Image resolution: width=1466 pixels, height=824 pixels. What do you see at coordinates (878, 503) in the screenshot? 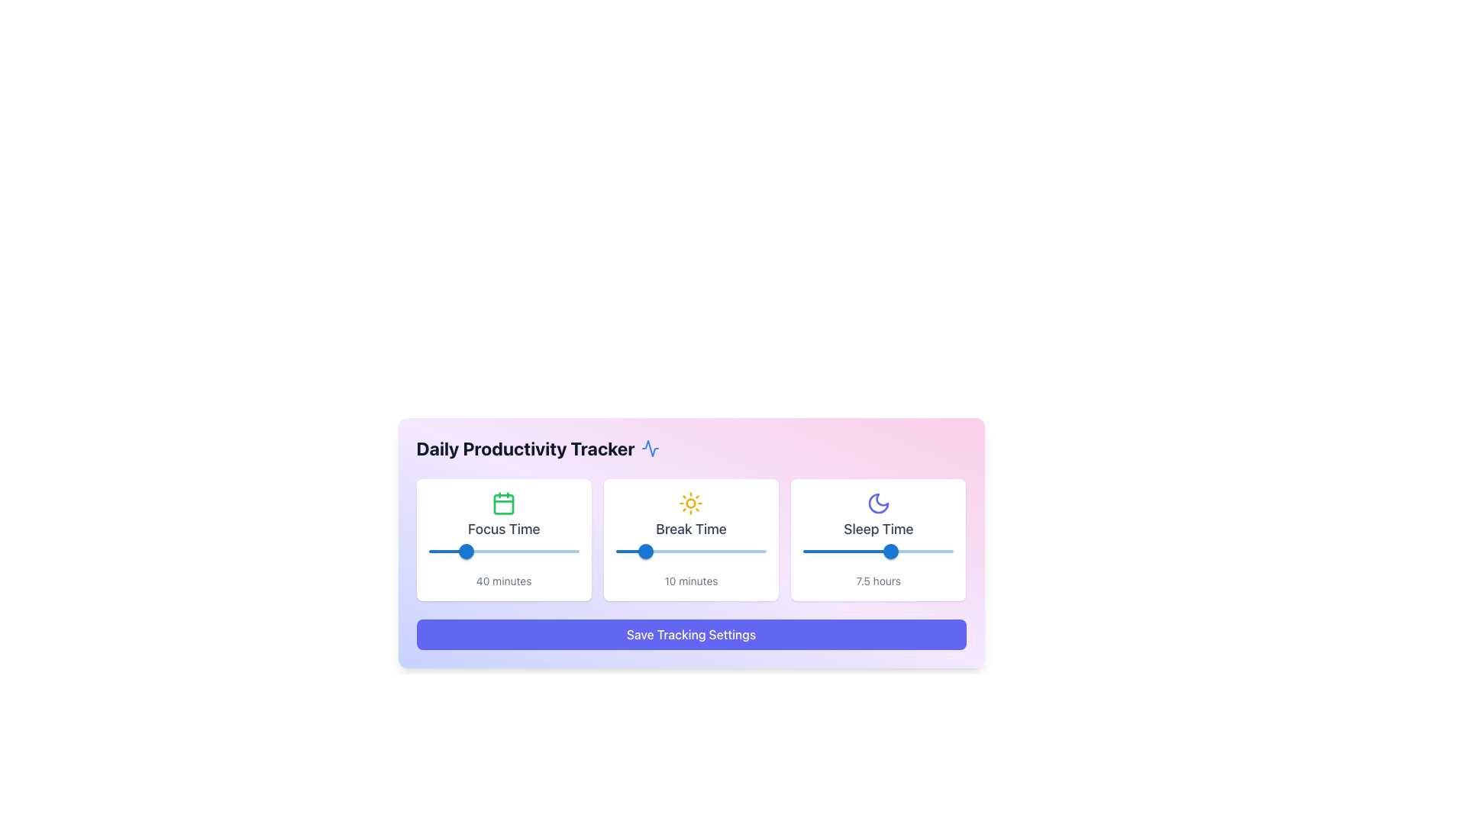
I see `the crescent moon icon with an indigo stroke outline, which represents the Sleep Time section in the productivity tracker interface, located above the 'Sleep Time' label` at bounding box center [878, 503].